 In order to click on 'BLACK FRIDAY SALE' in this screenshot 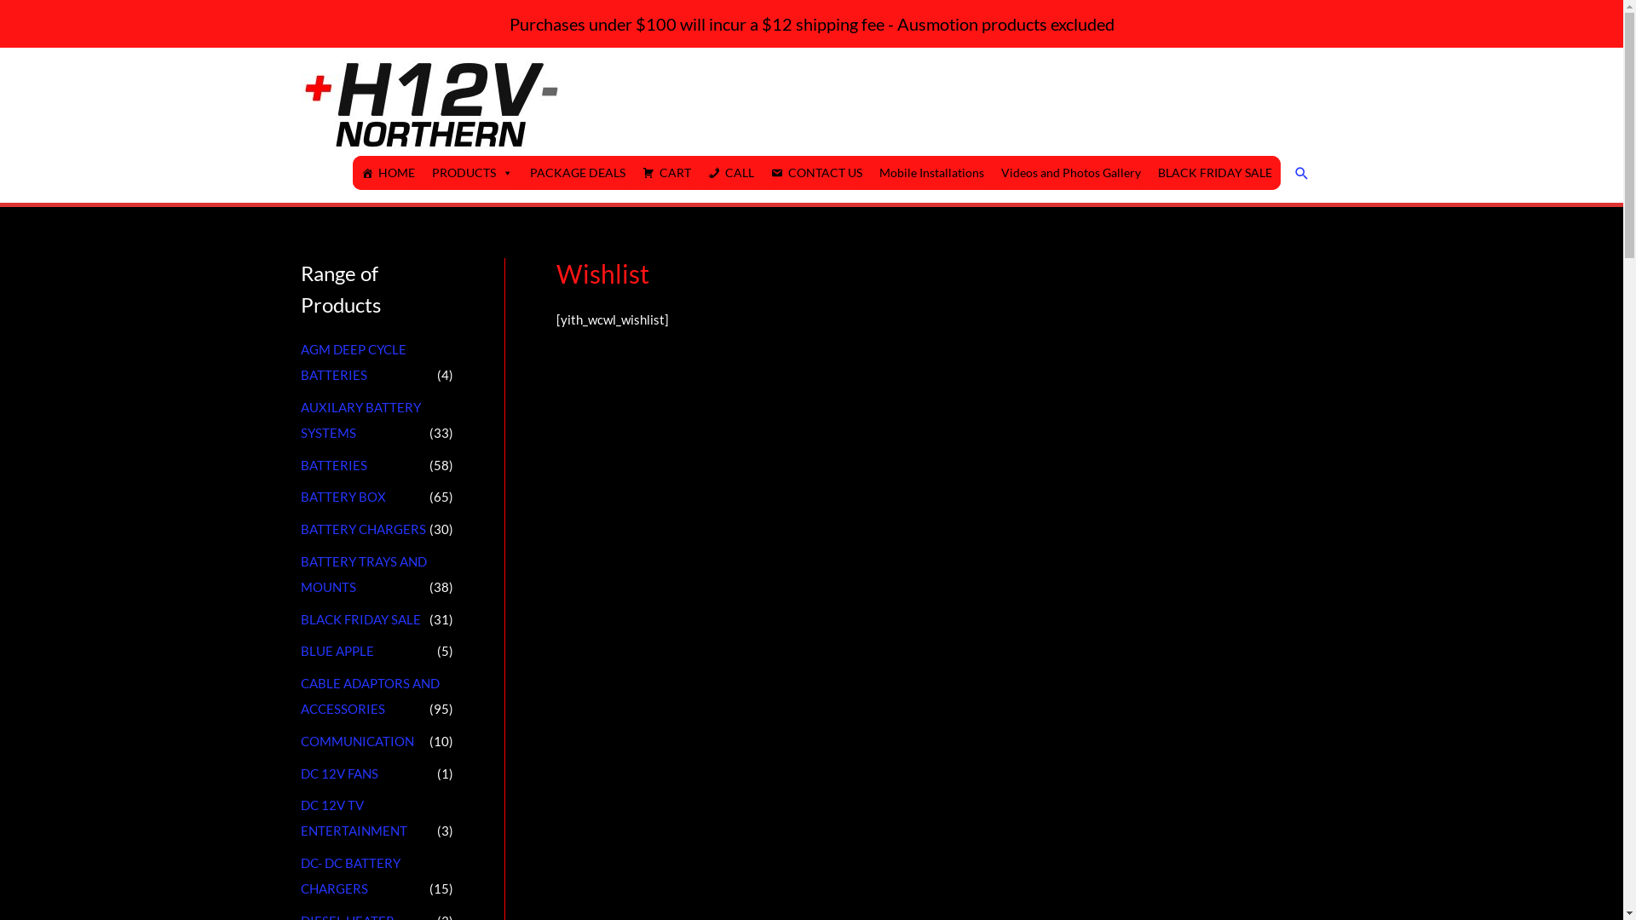, I will do `click(1213, 173)`.